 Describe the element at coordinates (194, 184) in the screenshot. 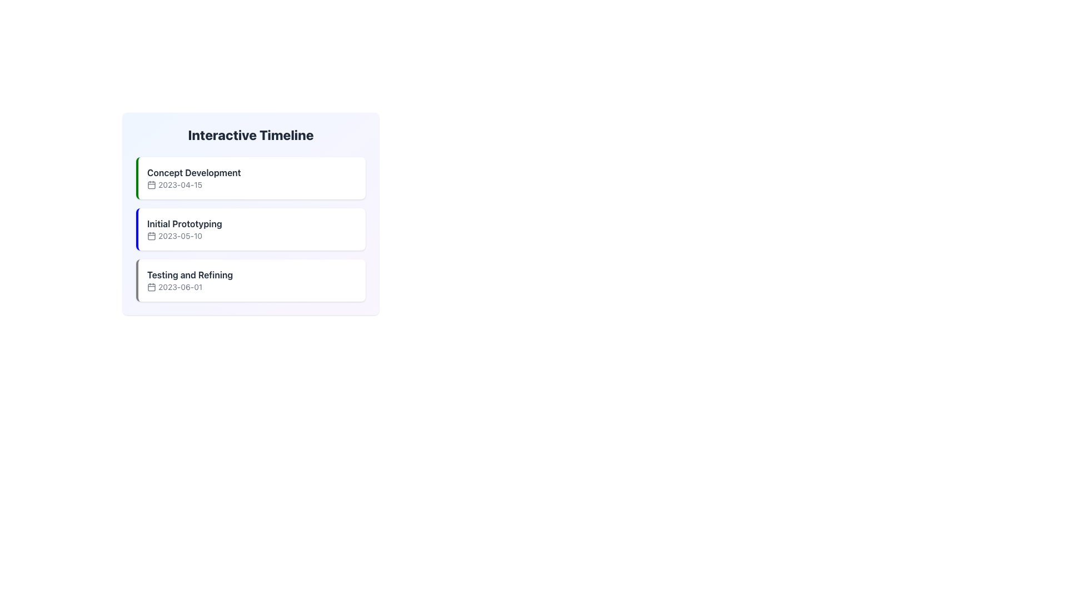

I see `the date element '2023-04-15' located below the header 'Concept Development'` at that location.